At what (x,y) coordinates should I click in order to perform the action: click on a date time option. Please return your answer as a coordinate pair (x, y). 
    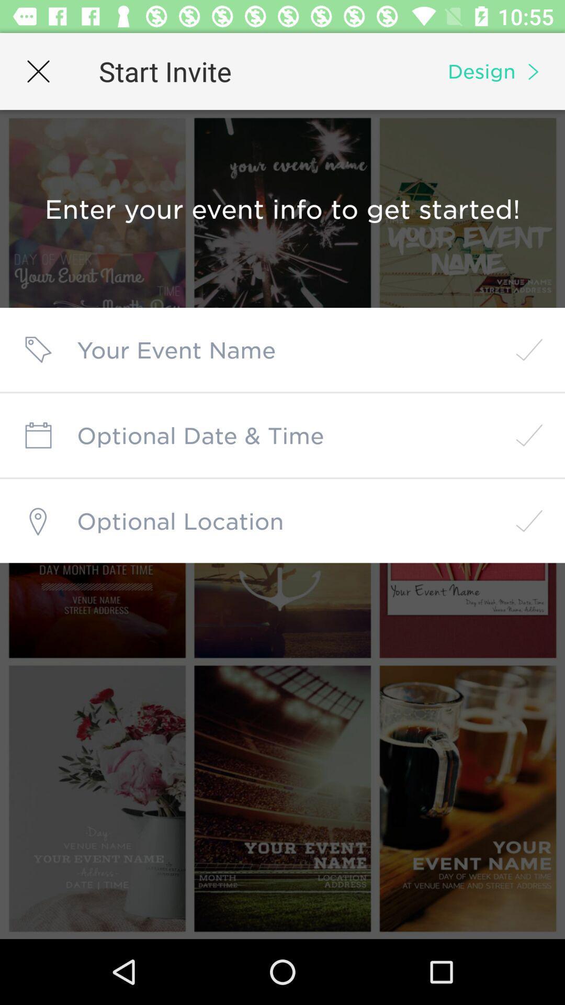
    Looking at the image, I should click on (282, 435).